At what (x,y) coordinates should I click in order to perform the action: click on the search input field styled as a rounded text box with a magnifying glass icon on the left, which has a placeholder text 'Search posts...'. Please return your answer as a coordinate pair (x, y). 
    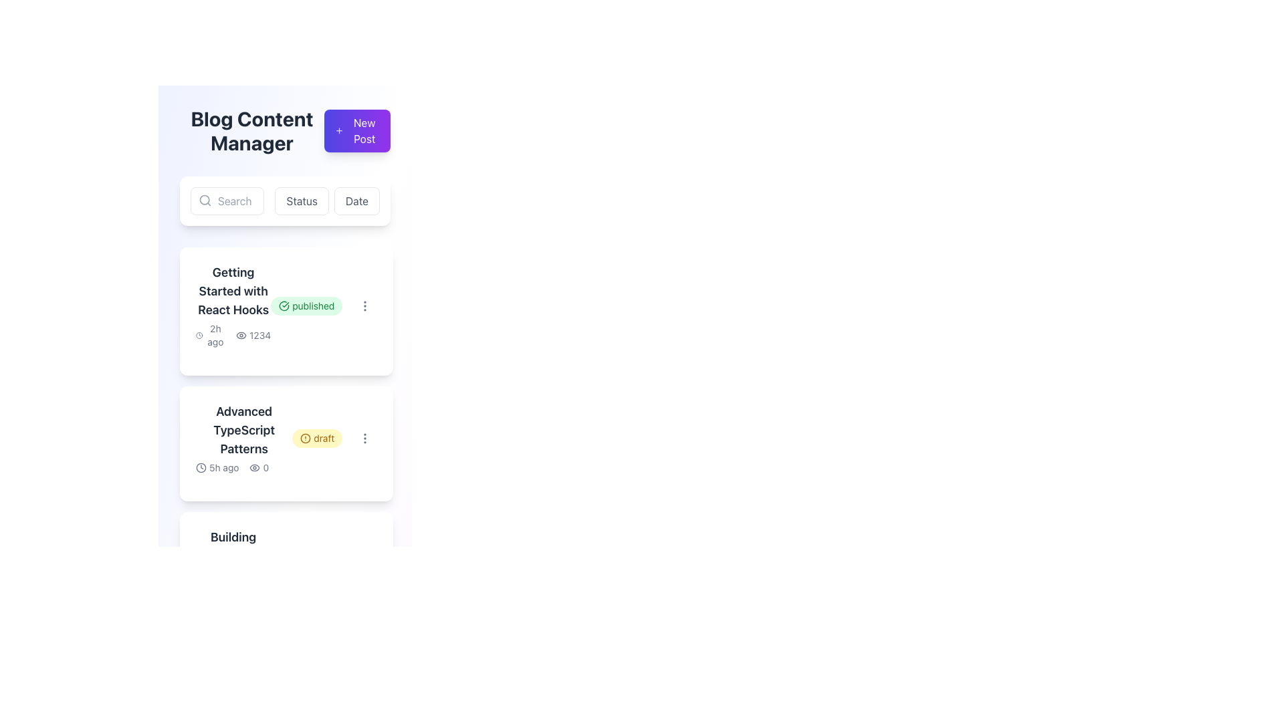
    Looking at the image, I should click on (227, 201).